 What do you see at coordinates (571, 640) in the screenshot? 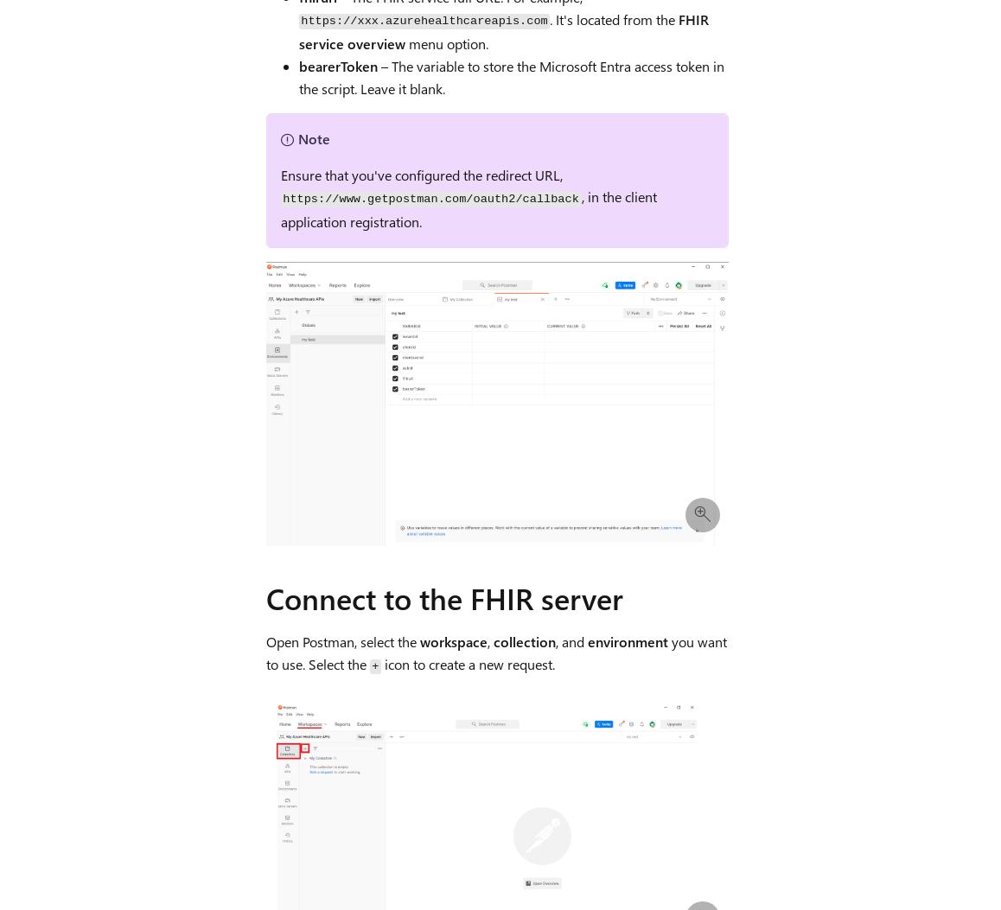
I see `', and'` at bounding box center [571, 640].